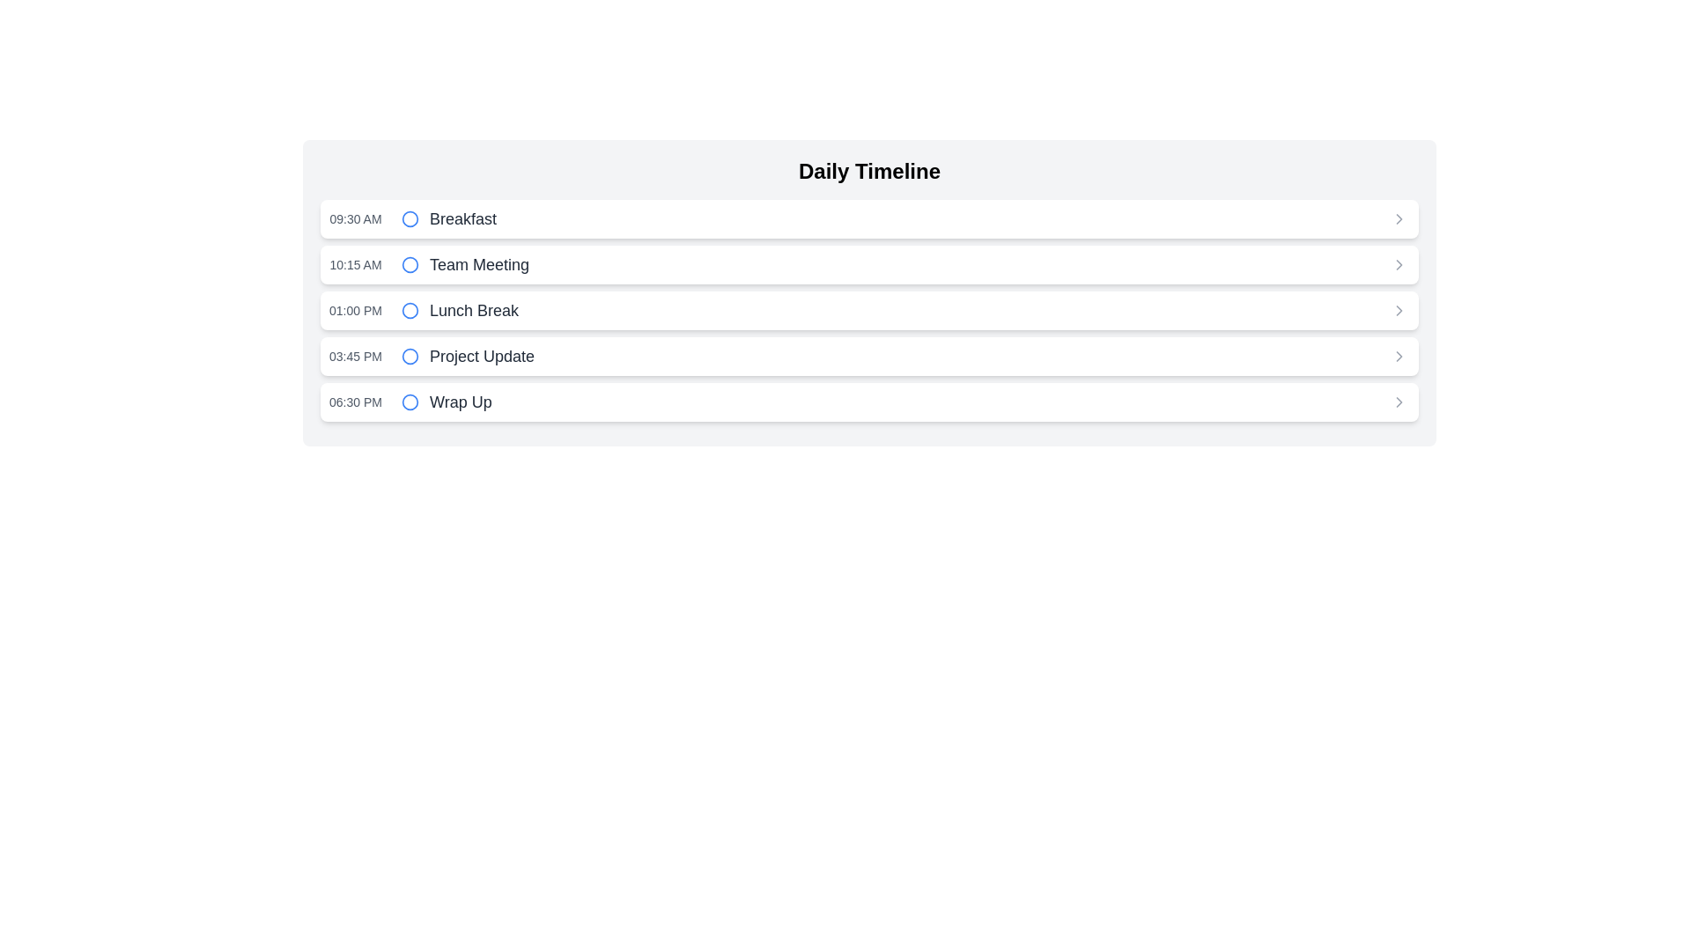 This screenshot has height=951, width=1691. What do you see at coordinates (1398, 218) in the screenshot?
I see `the small right-pointing chevron arrow icon located in the top-right corner of the first row entry in the 'Daily Timeline' list, aligning with the text 'Breakfast', to change its appearance` at bounding box center [1398, 218].